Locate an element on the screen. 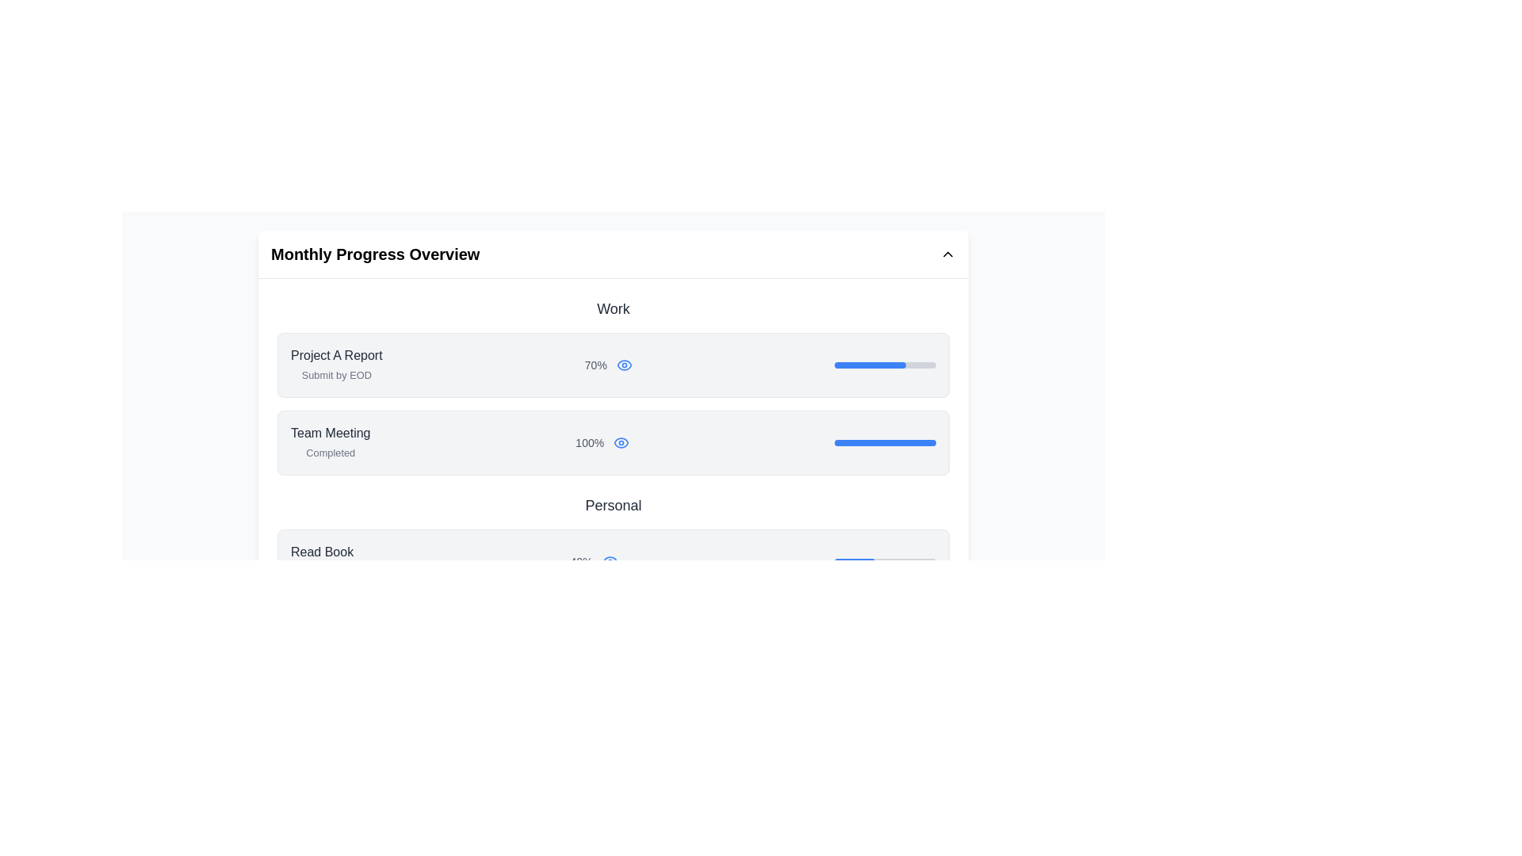 This screenshot has width=1522, height=856. the 'Completed' status indicator text label located in the lower part of the 'Team Meeting' section within the 'Work' category of the 'Monthly Progress Overview' is located at coordinates (330, 453).